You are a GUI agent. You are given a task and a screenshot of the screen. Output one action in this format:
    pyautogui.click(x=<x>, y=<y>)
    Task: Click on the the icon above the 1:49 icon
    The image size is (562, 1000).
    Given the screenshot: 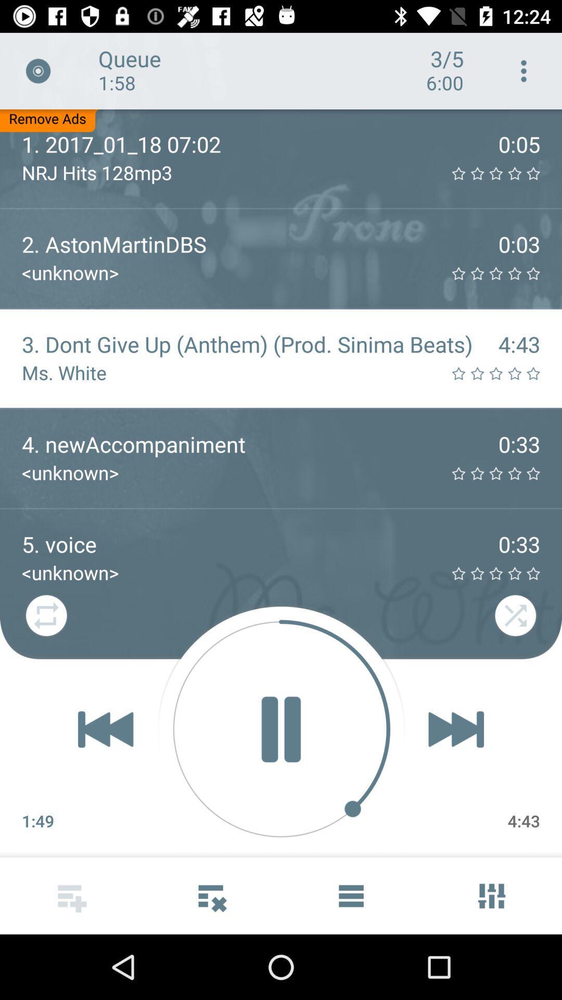 What is the action you would take?
    pyautogui.click(x=106, y=729)
    